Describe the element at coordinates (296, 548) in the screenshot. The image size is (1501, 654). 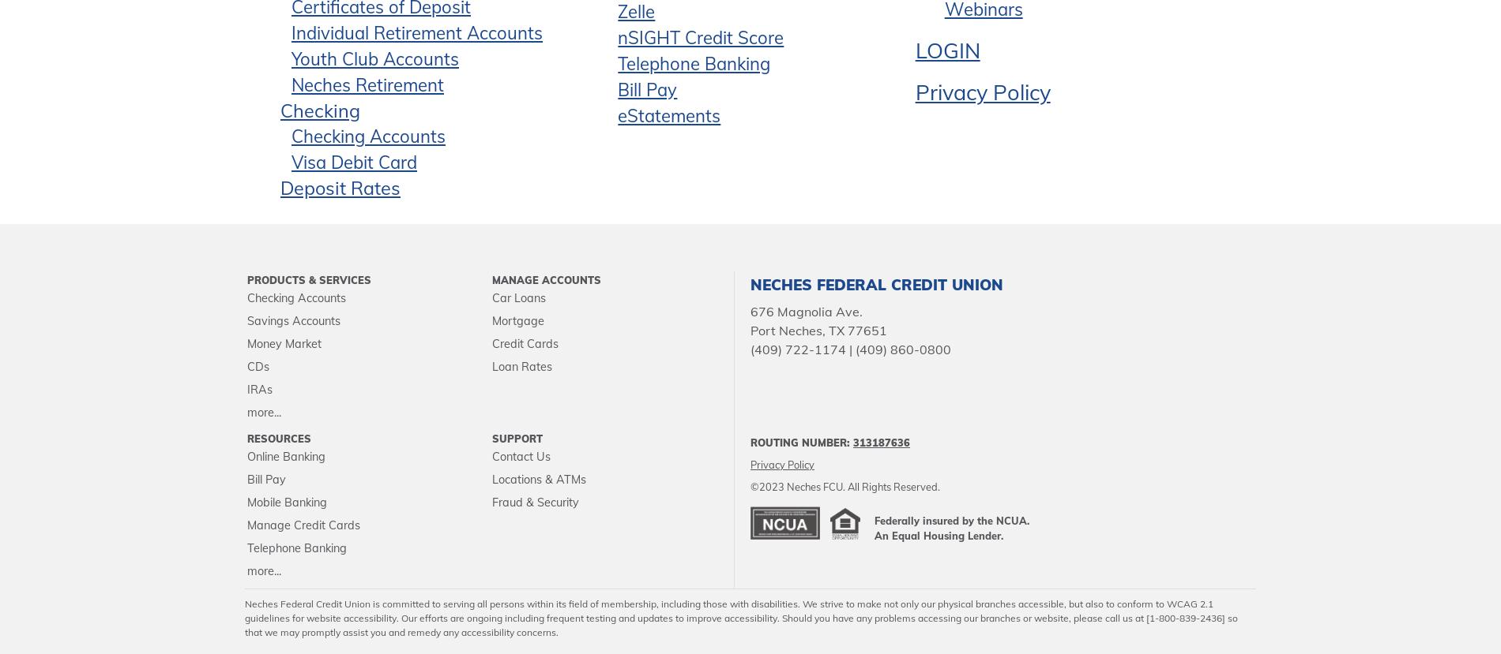
I see `'Telephone Banking'` at that location.